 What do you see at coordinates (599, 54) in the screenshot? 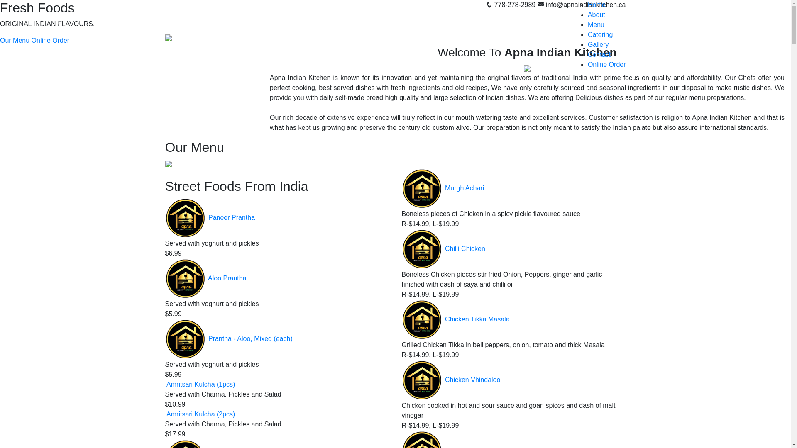
I see `'Contact'` at bounding box center [599, 54].